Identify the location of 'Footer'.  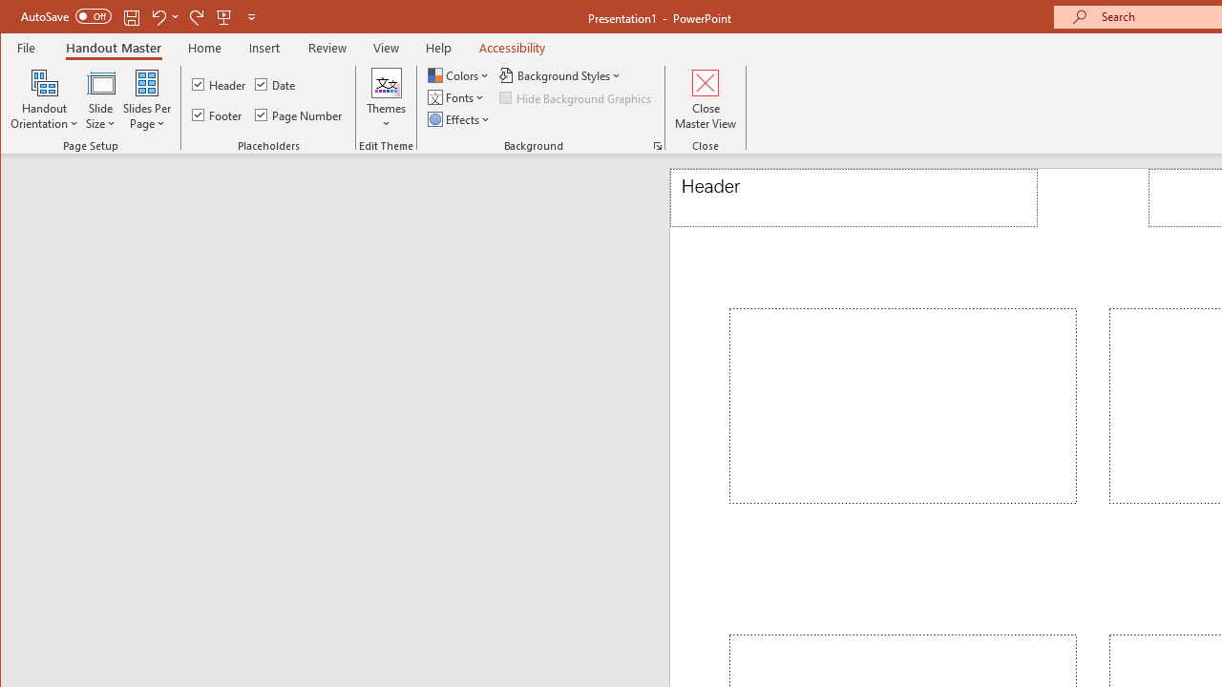
(219, 114).